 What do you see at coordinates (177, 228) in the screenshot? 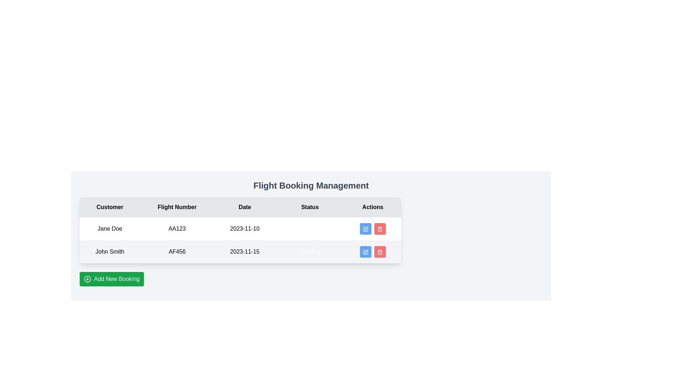
I see `the static text label displaying the flight number 'AA123' located in the second column of the first data row beneath the 'Flight Number' header` at bounding box center [177, 228].